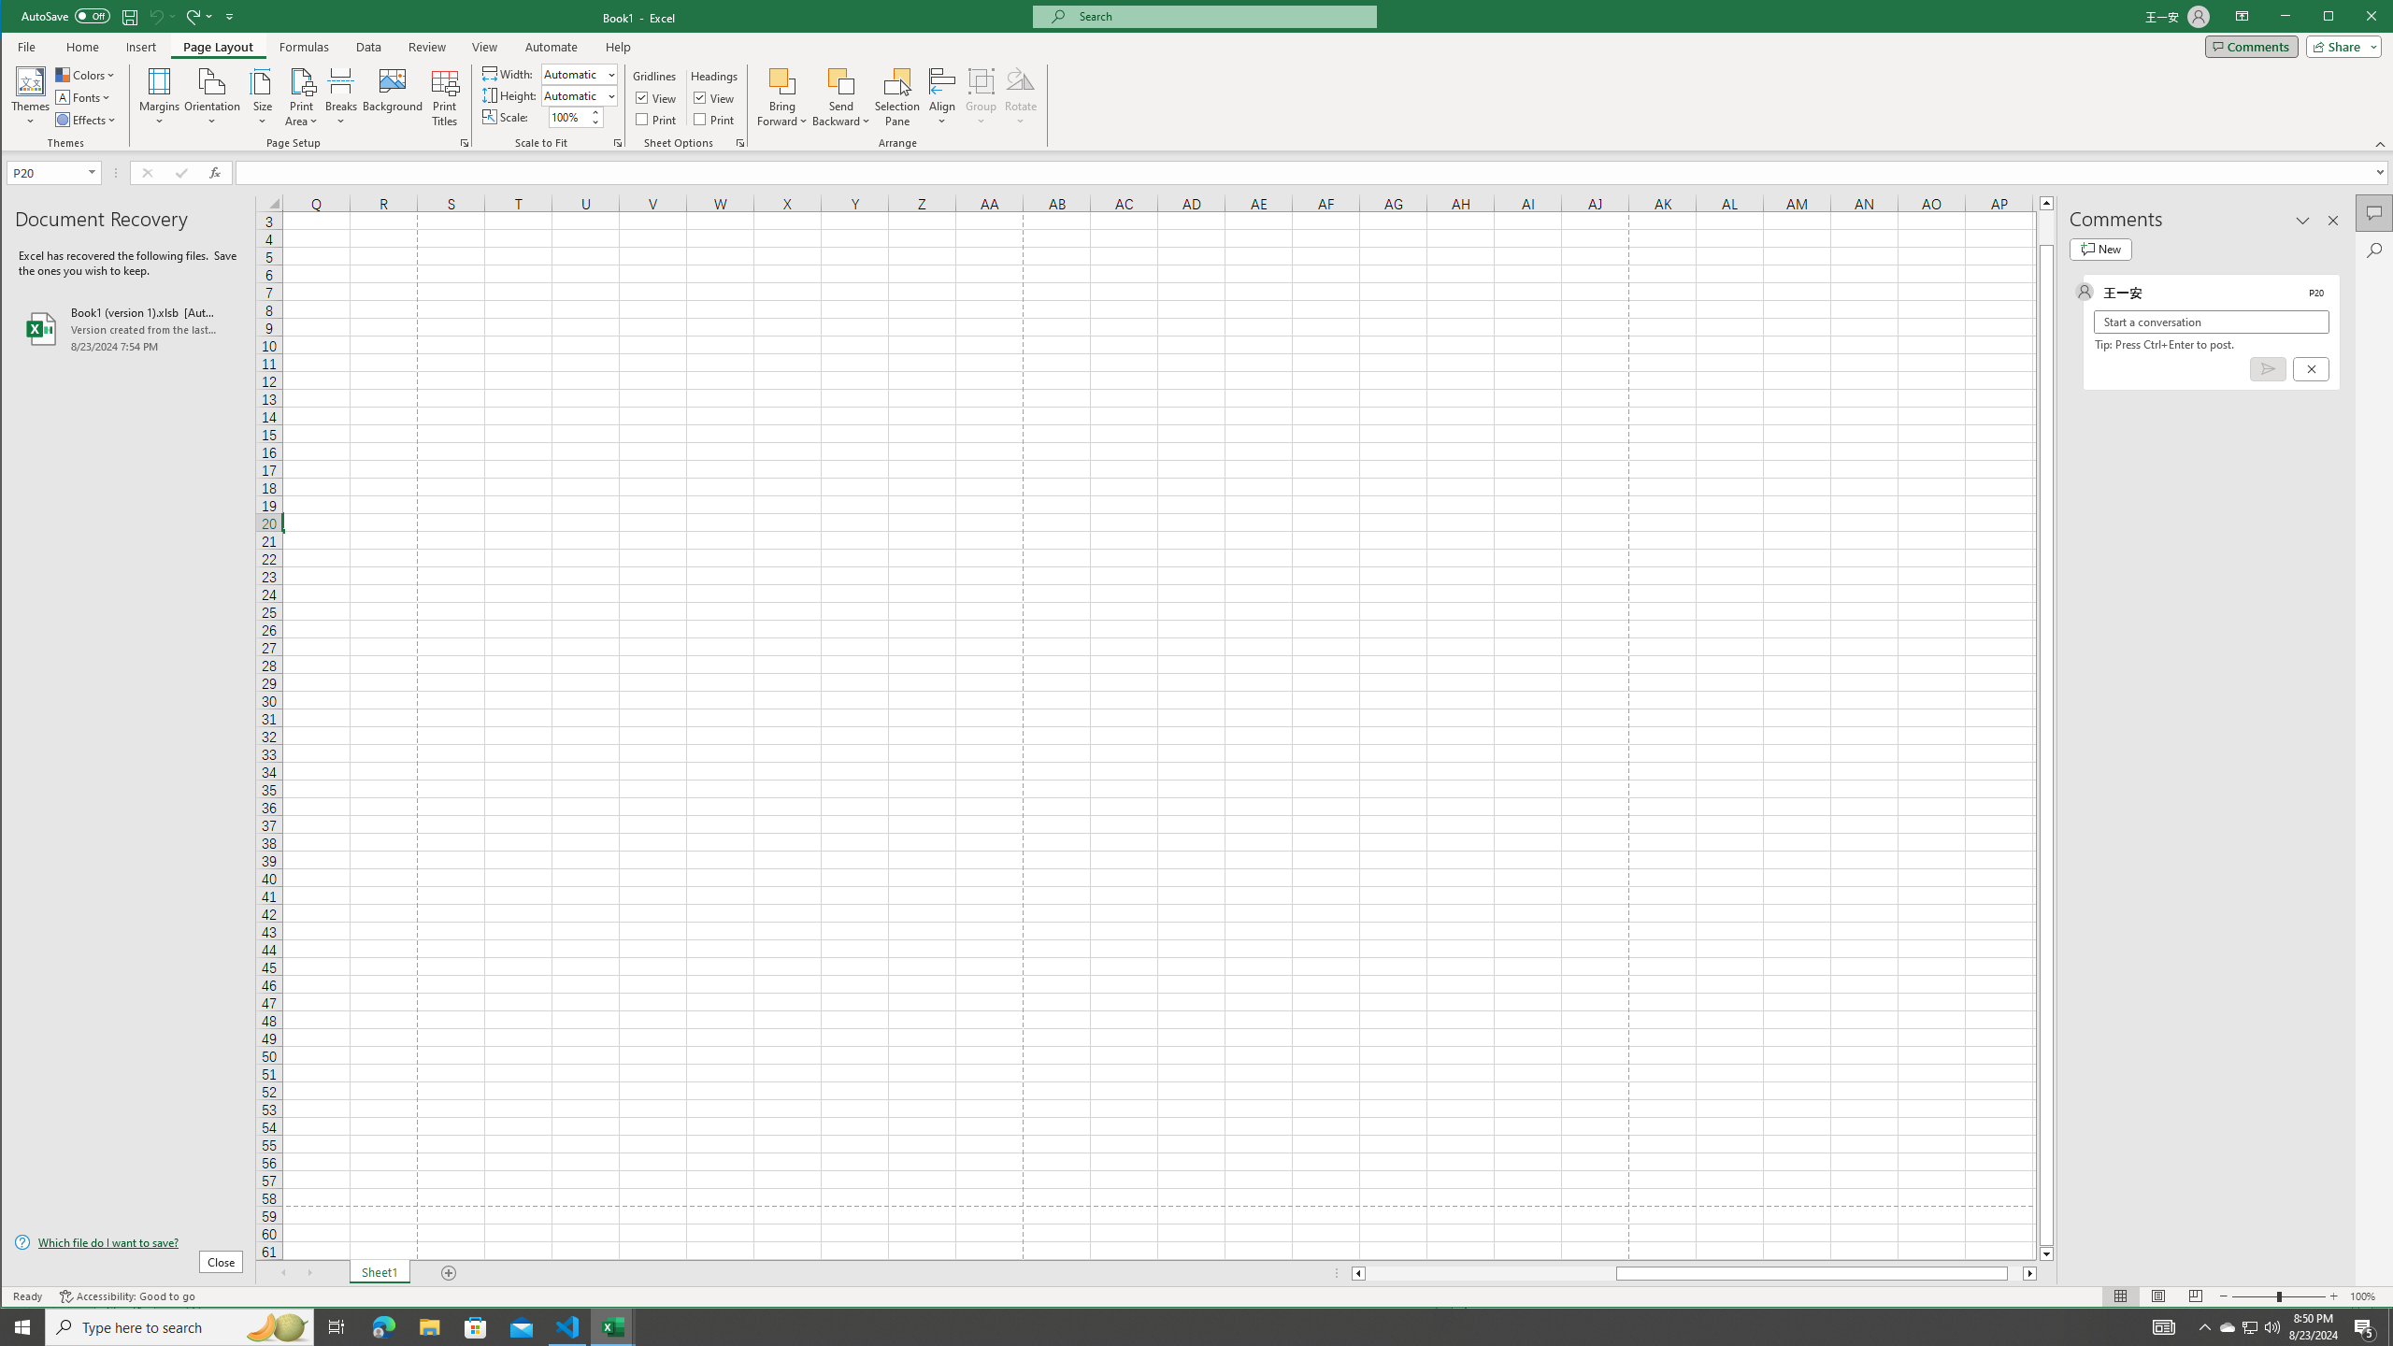 The height and width of the screenshot is (1346, 2393). What do you see at coordinates (573, 95) in the screenshot?
I see `'Height'` at bounding box center [573, 95].